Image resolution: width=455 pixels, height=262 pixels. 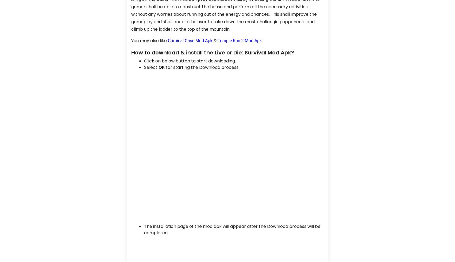 What do you see at coordinates (162, 67) in the screenshot?
I see `'OK'` at bounding box center [162, 67].